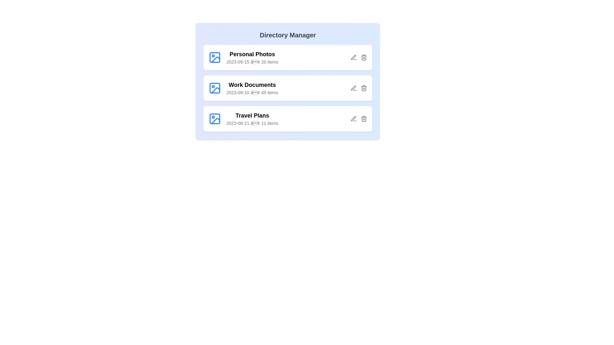 The height and width of the screenshot is (345, 614). What do you see at coordinates (287, 88) in the screenshot?
I see `the directory named Work Documents from the list` at bounding box center [287, 88].